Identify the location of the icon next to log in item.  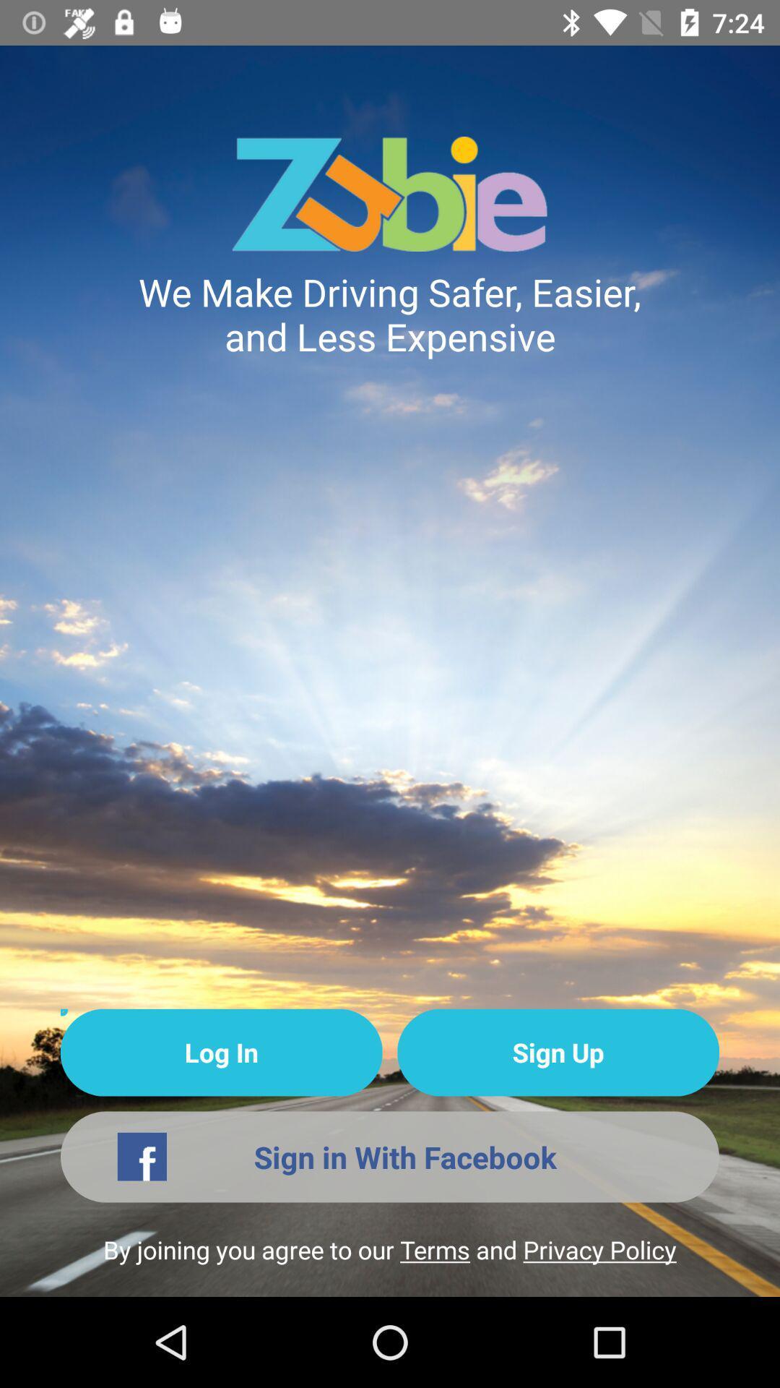
(558, 1053).